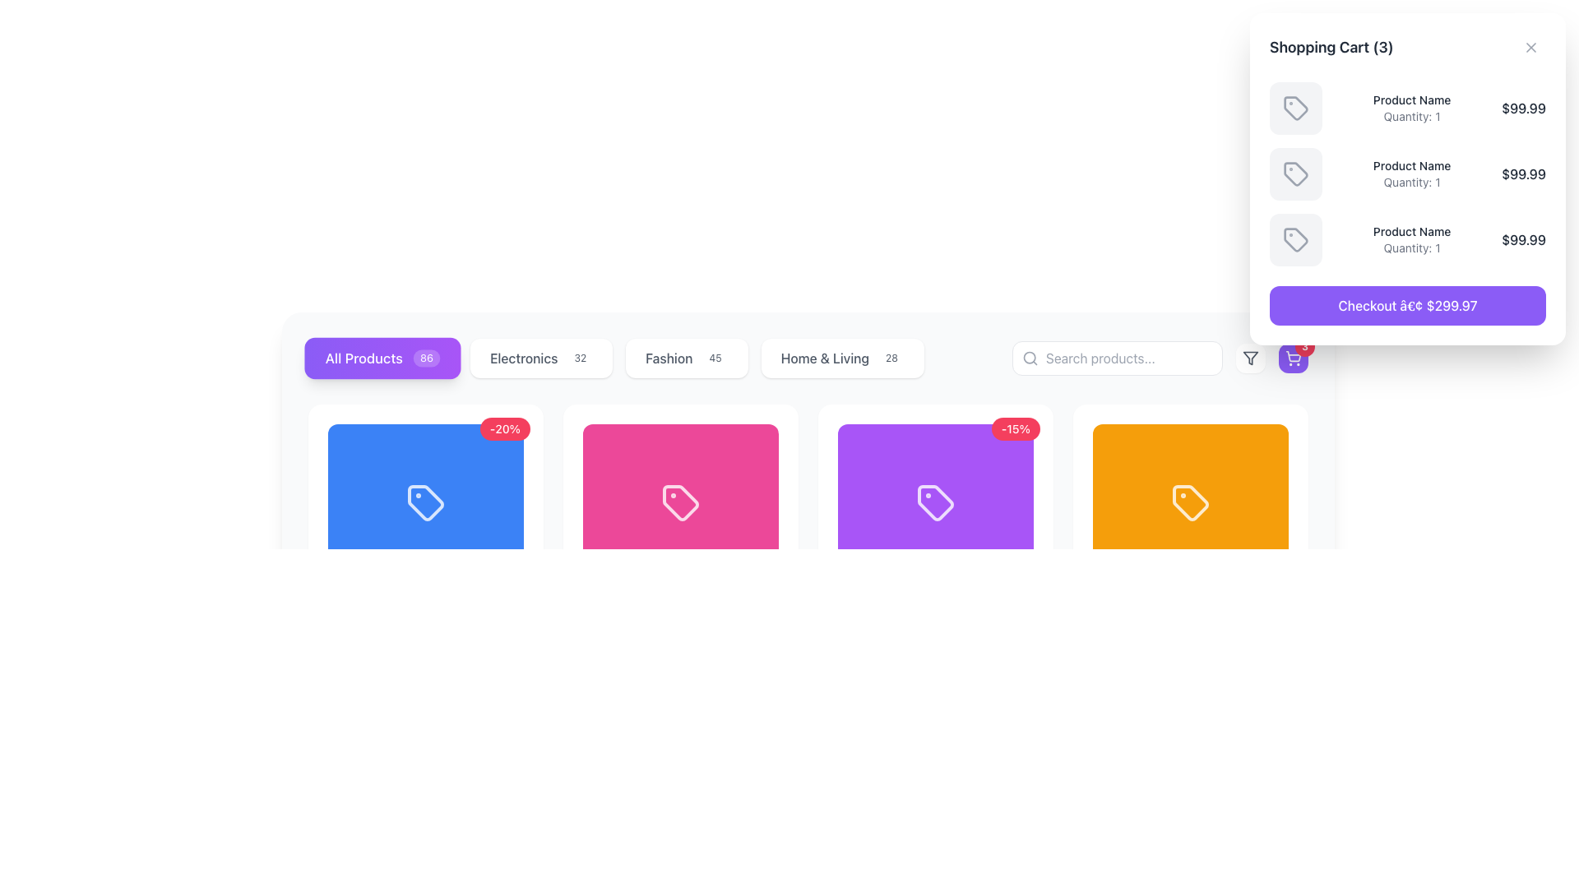 This screenshot has width=1579, height=888. Describe the element at coordinates (1294, 108) in the screenshot. I see `the first icon in the shopping cart drawer to observe its associated tooltip or effect` at that location.